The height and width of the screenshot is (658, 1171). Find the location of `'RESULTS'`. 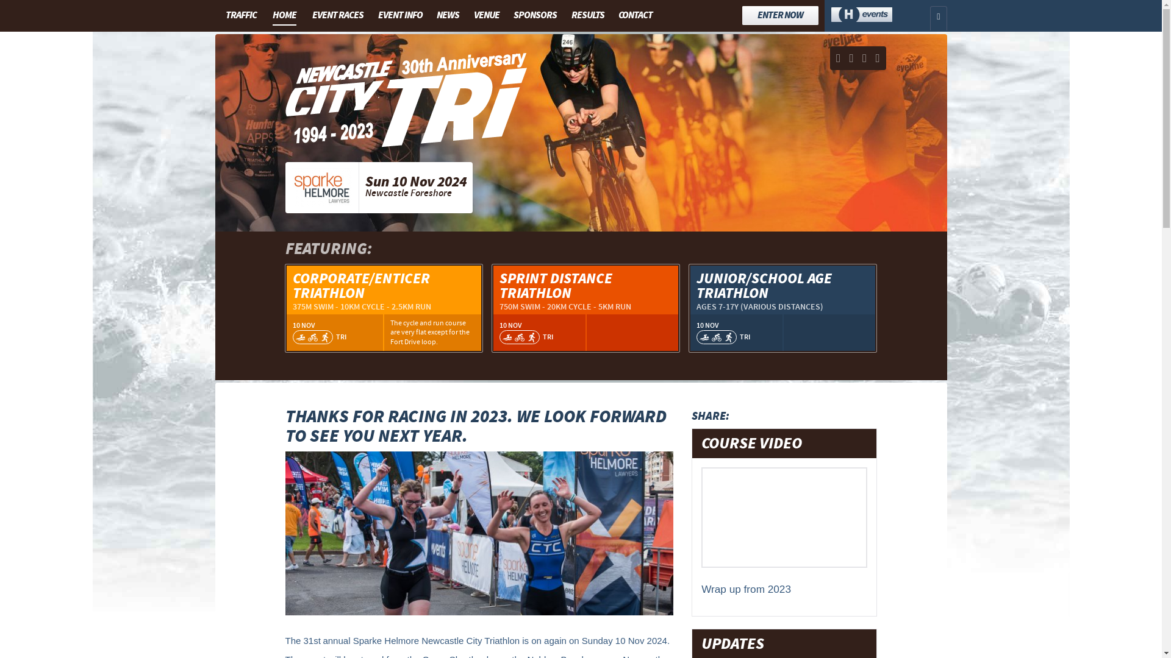

'RESULTS' is located at coordinates (588, 15).